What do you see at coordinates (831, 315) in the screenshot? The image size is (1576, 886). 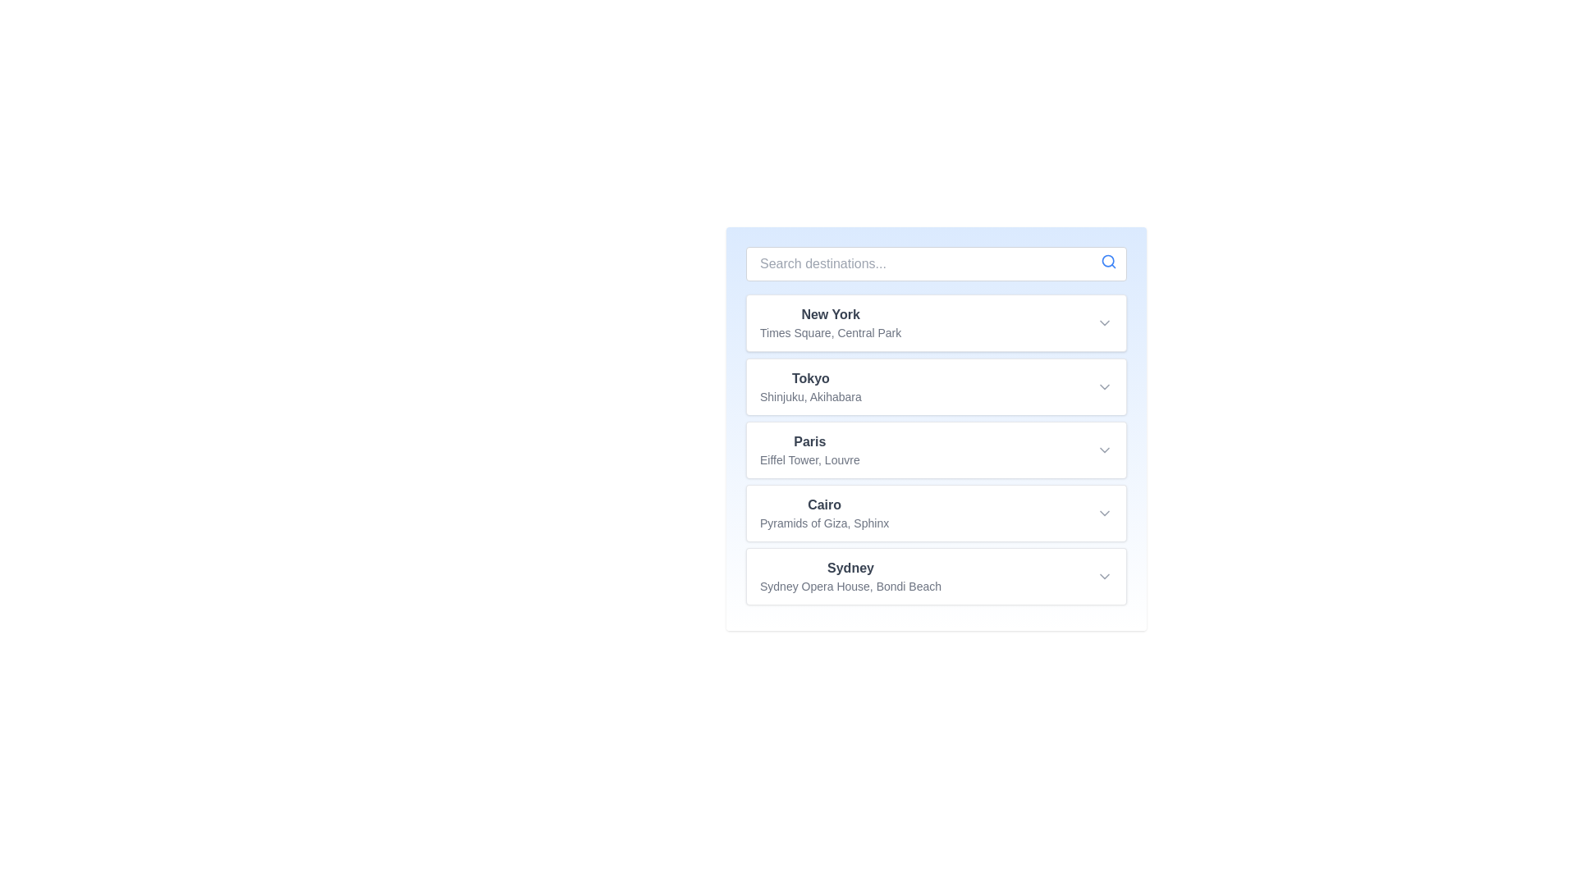 I see `the primary title Text Label for the first destination option in the vertical list, located just below the search box and above the secondary text 'Times Square, Central Park'` at bounding box center [831, 315].